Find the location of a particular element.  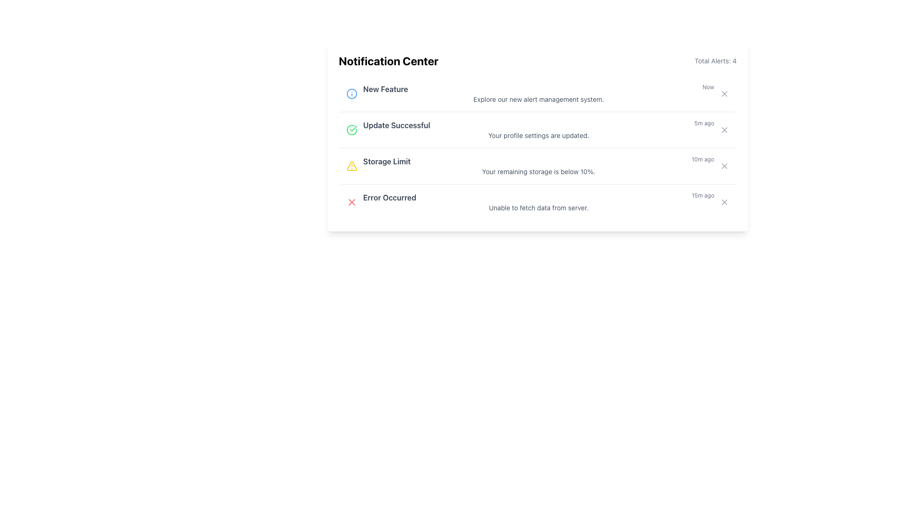

the timestamp text label in the second row of the Notification Center, located to the right of 'Update Successful' is located at coordinates (704, 124).